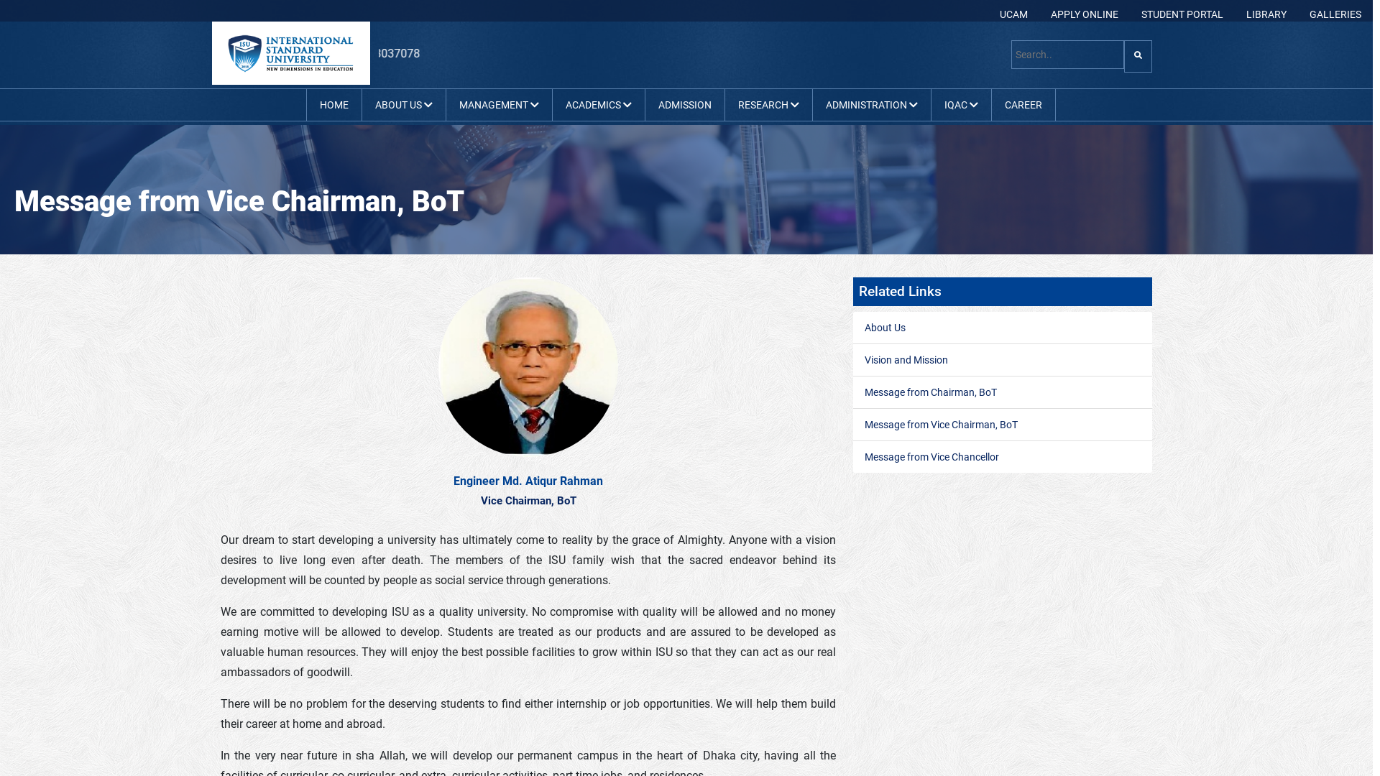 Image resolution: width=1380 pixels, height=776 pixels. What do you see at coordinates (498, 104) in the screenshot?
I see `'MANAGEMENT'` at bounding box center [498, 104].